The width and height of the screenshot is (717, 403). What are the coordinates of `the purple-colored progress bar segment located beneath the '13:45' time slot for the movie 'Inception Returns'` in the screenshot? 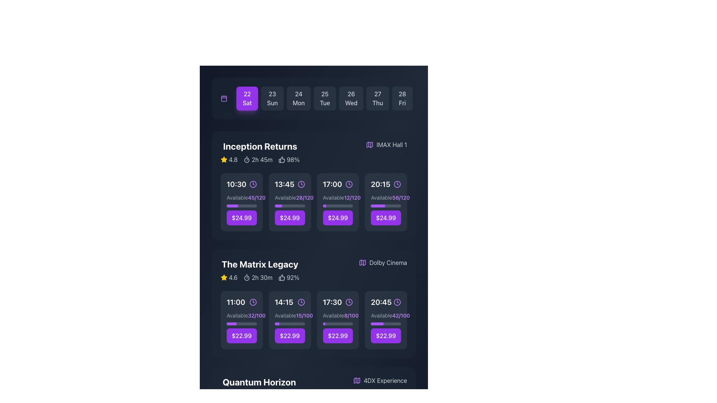 It's located at (278, 206).